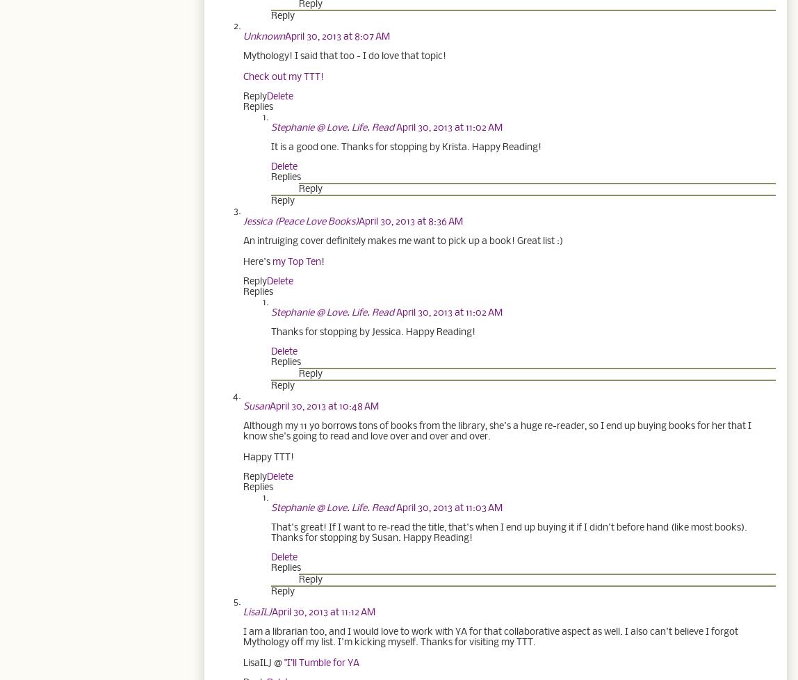 The image size is (798, 680). What do you see at coordinates (324, 406) in the screenshot?
I see `'April 30, 2013 at 10:48 AM'` at bounding box center [324, 406].